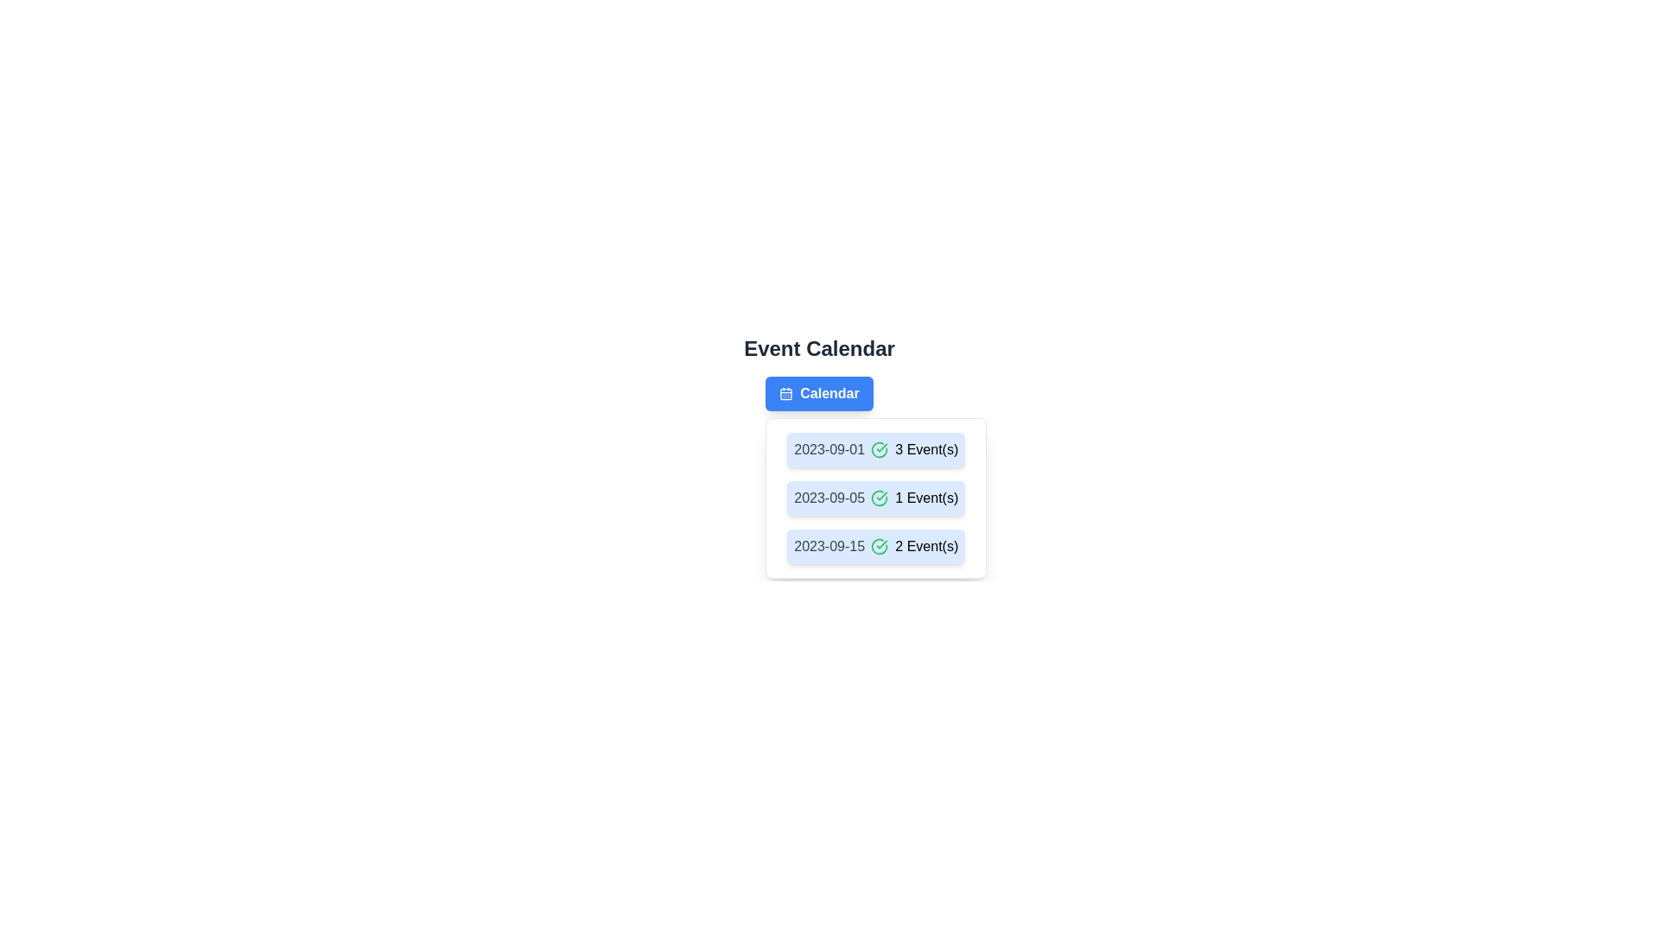 This screenshot has width=1659, height=933. I want to click on the date display text element located in the 'Event Calendar' section, specifically the second entry in the list, so click(829, 498).